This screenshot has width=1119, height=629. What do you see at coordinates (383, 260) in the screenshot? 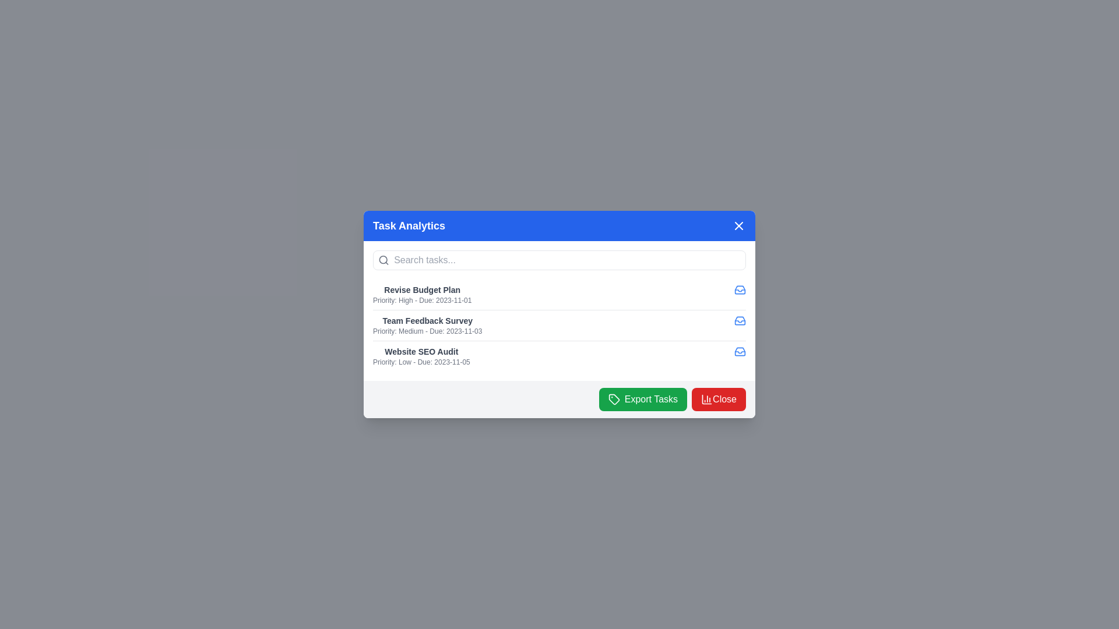
I see `the search icon located inside the search bar at the top of the modal window, which indicates the functionality for search queries` at bounding box center [383, 260].